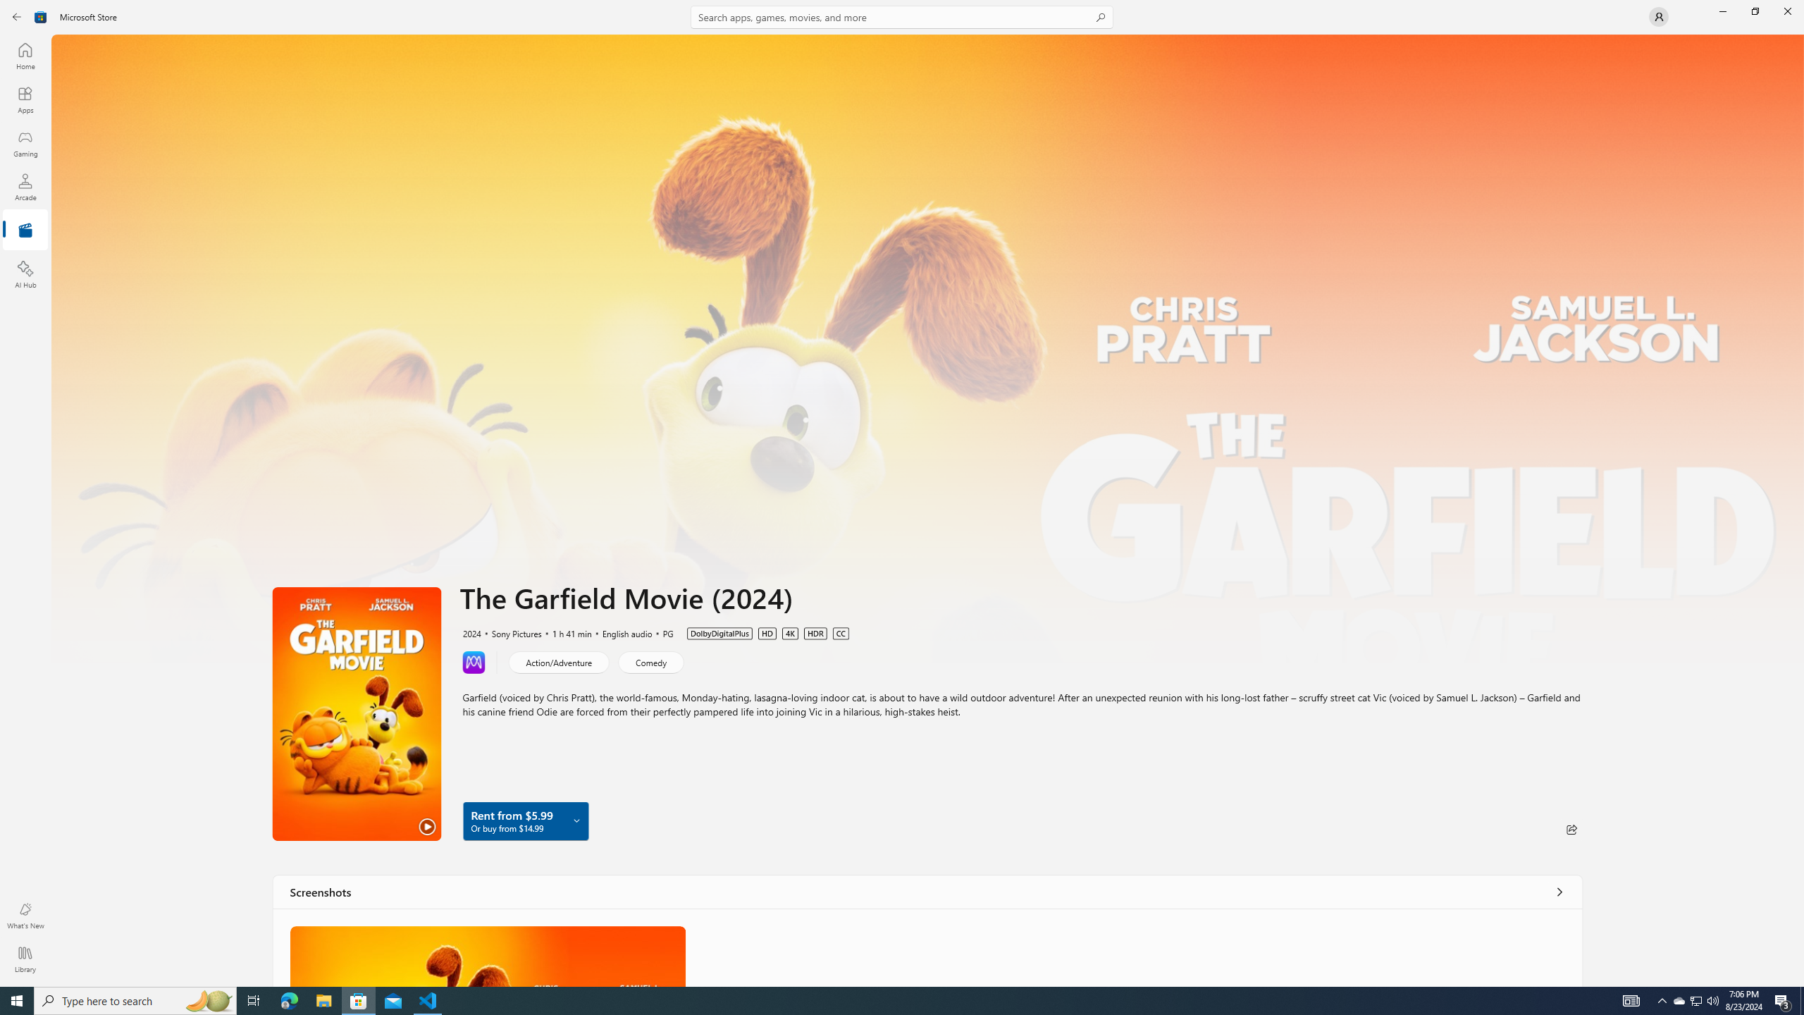  Describe the element at coordinates (24, 230) in the screenshot. I see `'Entertainment'` at that location.